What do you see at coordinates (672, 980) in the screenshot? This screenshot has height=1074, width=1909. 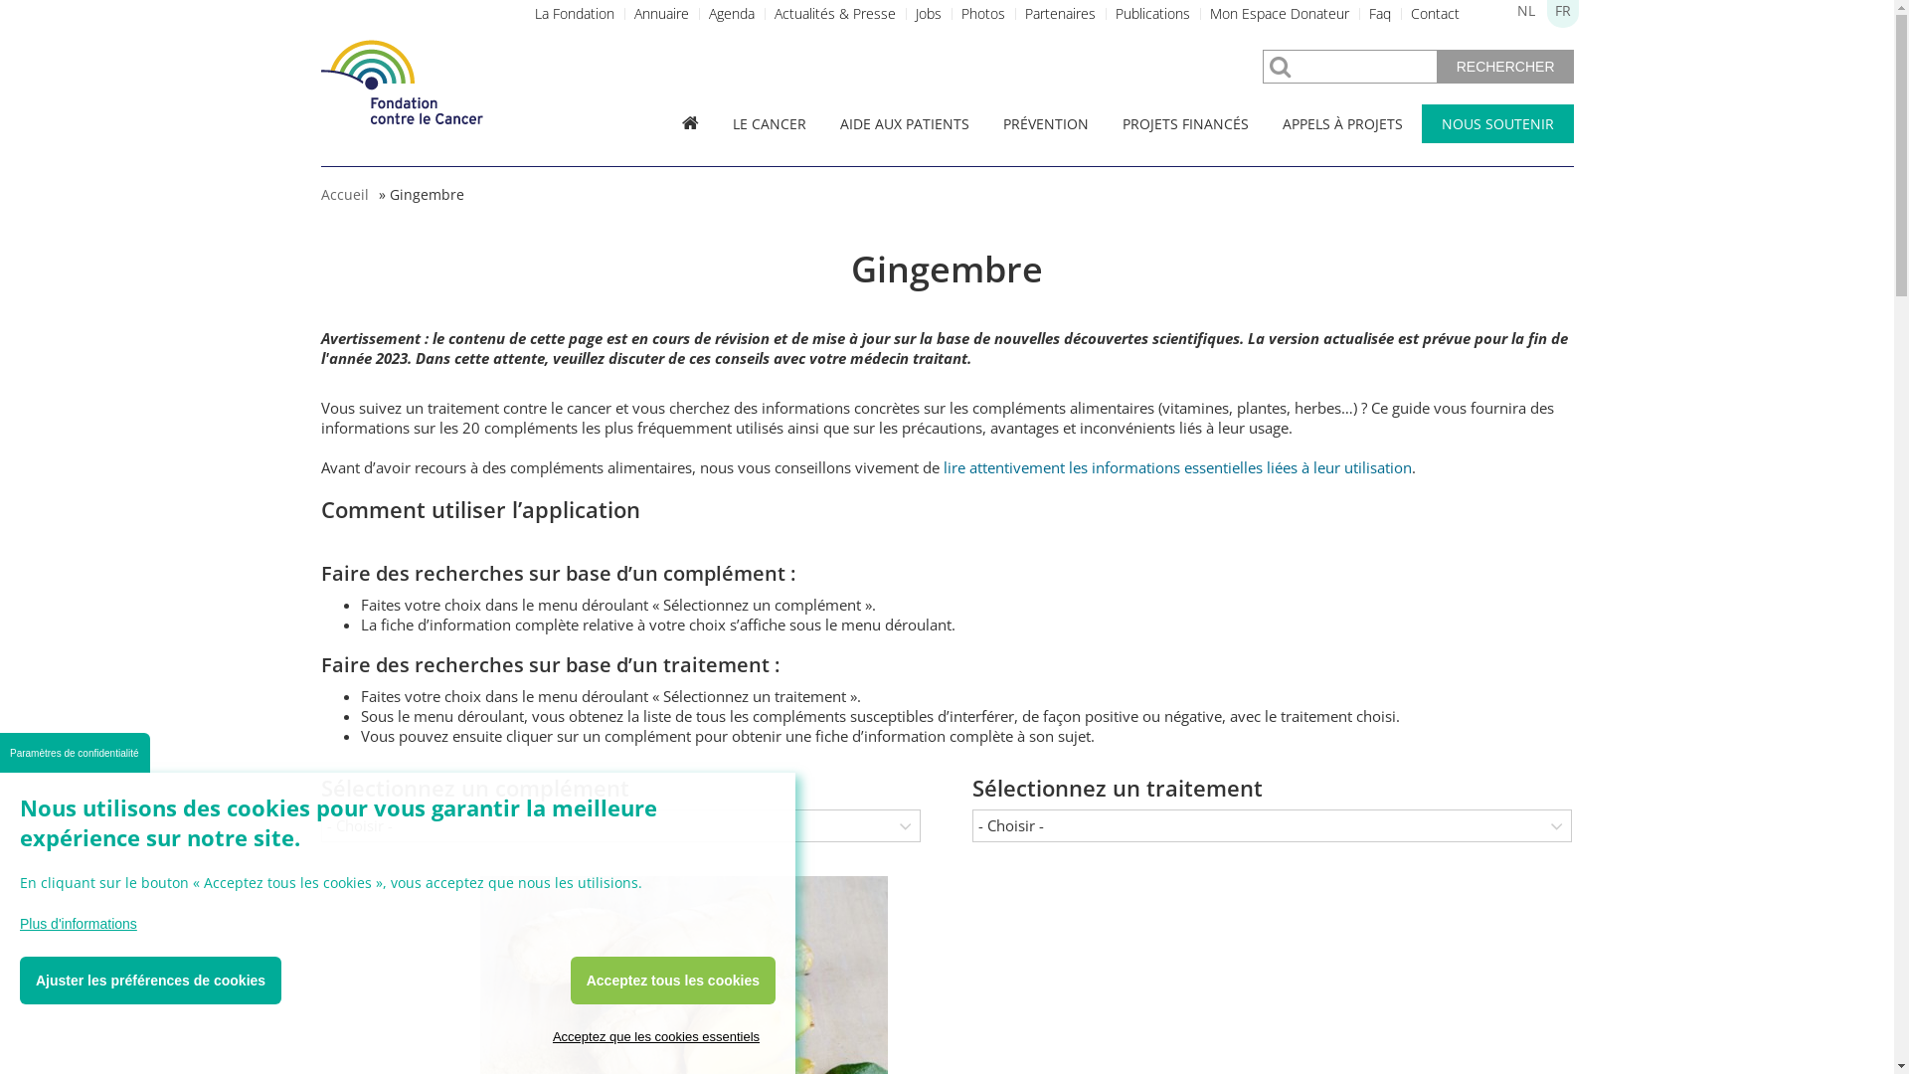 I see `'Acceptez tous les cookies'` at bounding box center [672, 980].